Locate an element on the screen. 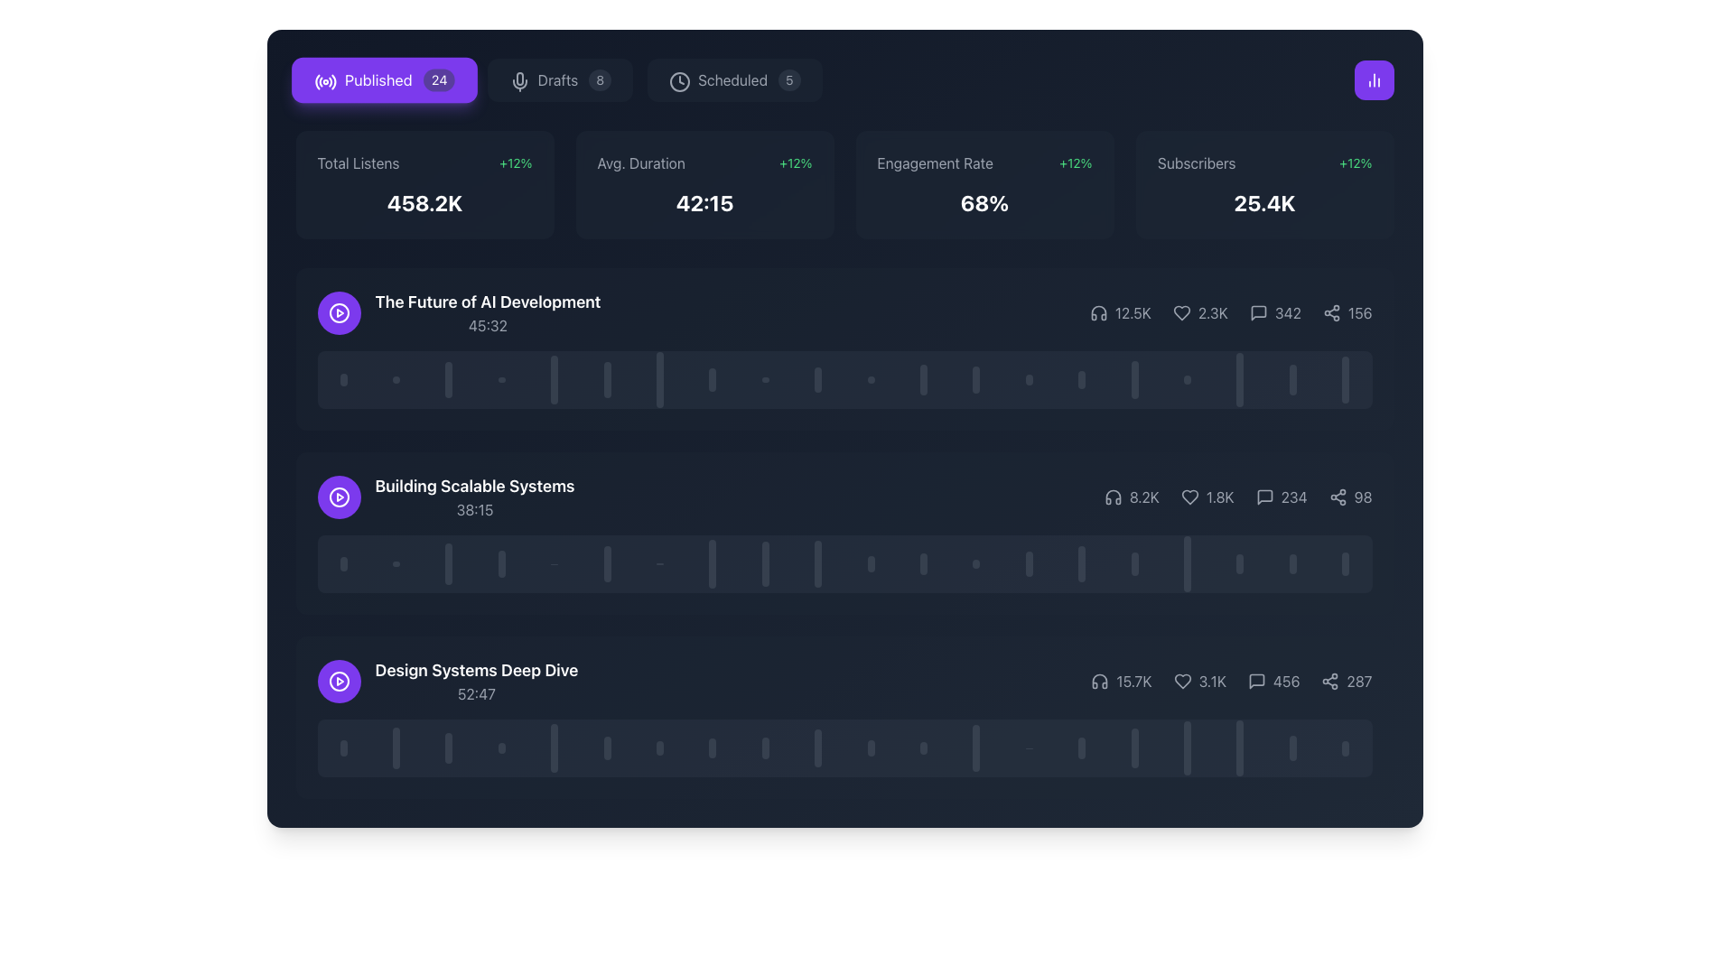  the first informational card displaying total listens and percentage growth, located in the top section of the analytics dashboard is located at coordinates (424, 184).